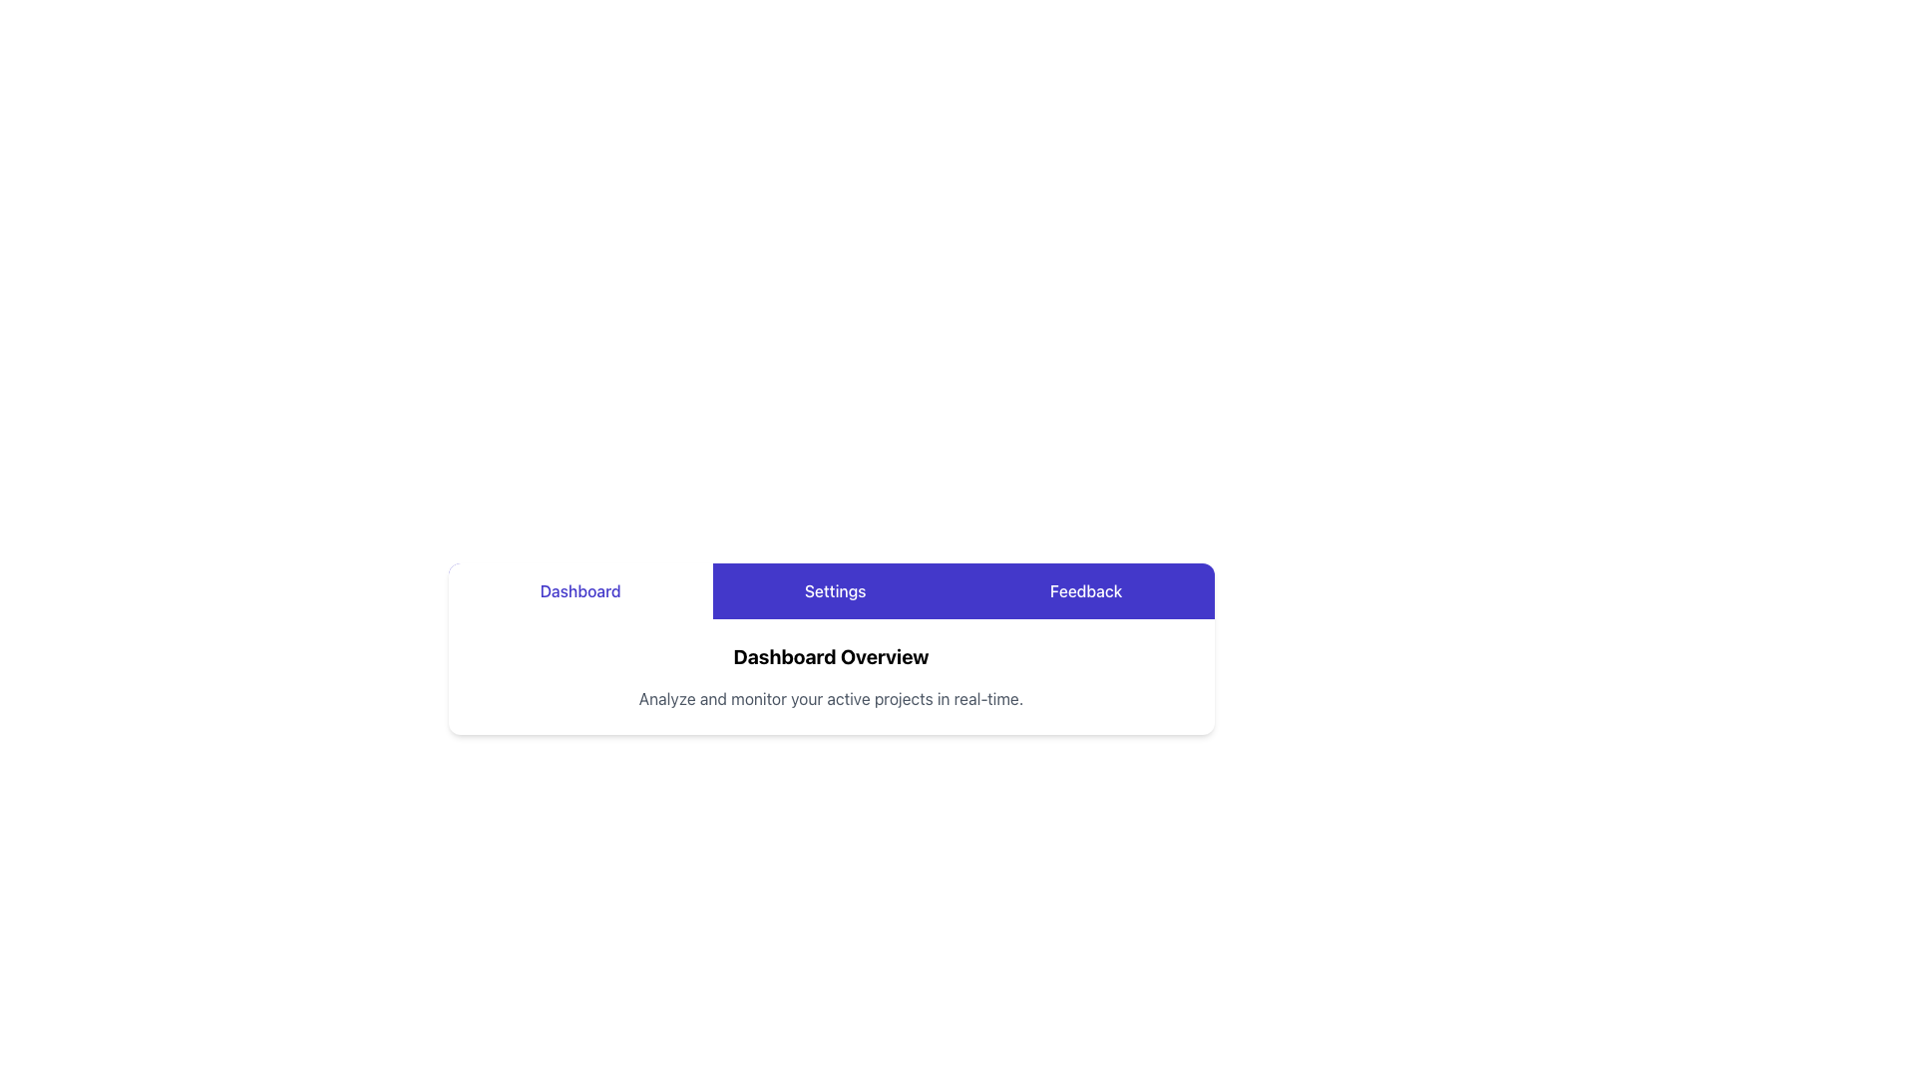 The width and height of the screenshot is (1915, 1077). What do you see at coordinates (831, 590) in the screenshot?
I see `the 'Settings' tab in the navigation bar, which has a purple-blue background and white text` at bounding box center [831, 590].